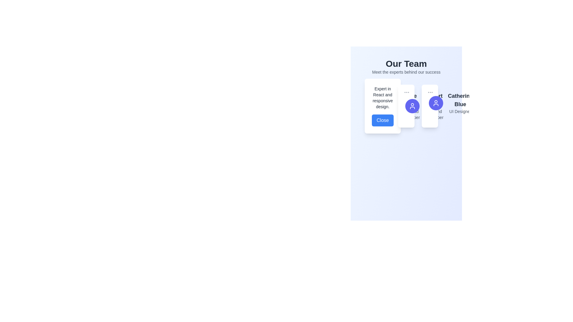 The image size is (573, 322). What do you see at coordinates (412, 106) in the screenshot?
I see `the Profile Avatar, which is a circular element with a purple background and a white user icon, located to the left of the text 'Robert Brown' and 'Backend Developer'` at bounding box center [412, 106].